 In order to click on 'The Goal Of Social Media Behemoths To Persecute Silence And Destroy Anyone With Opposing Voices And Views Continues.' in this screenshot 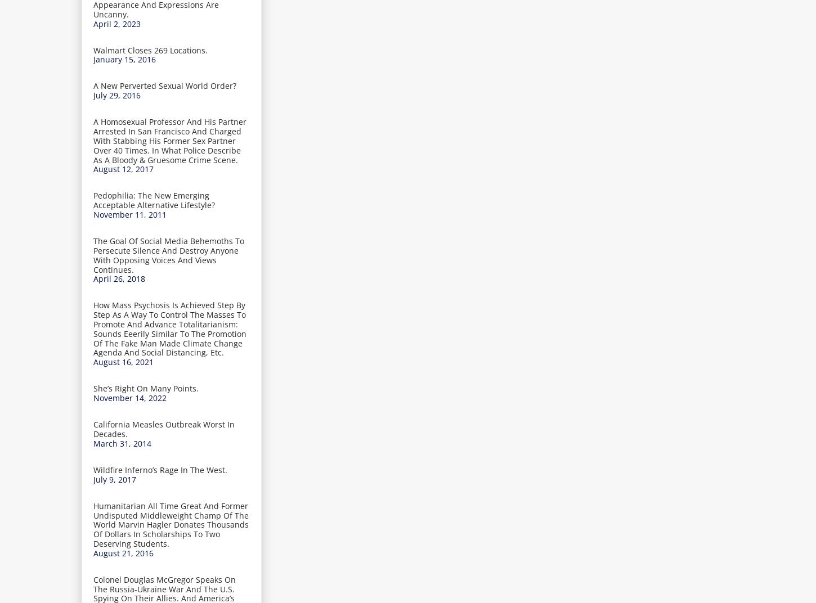, I will do `click(169, 254)`.